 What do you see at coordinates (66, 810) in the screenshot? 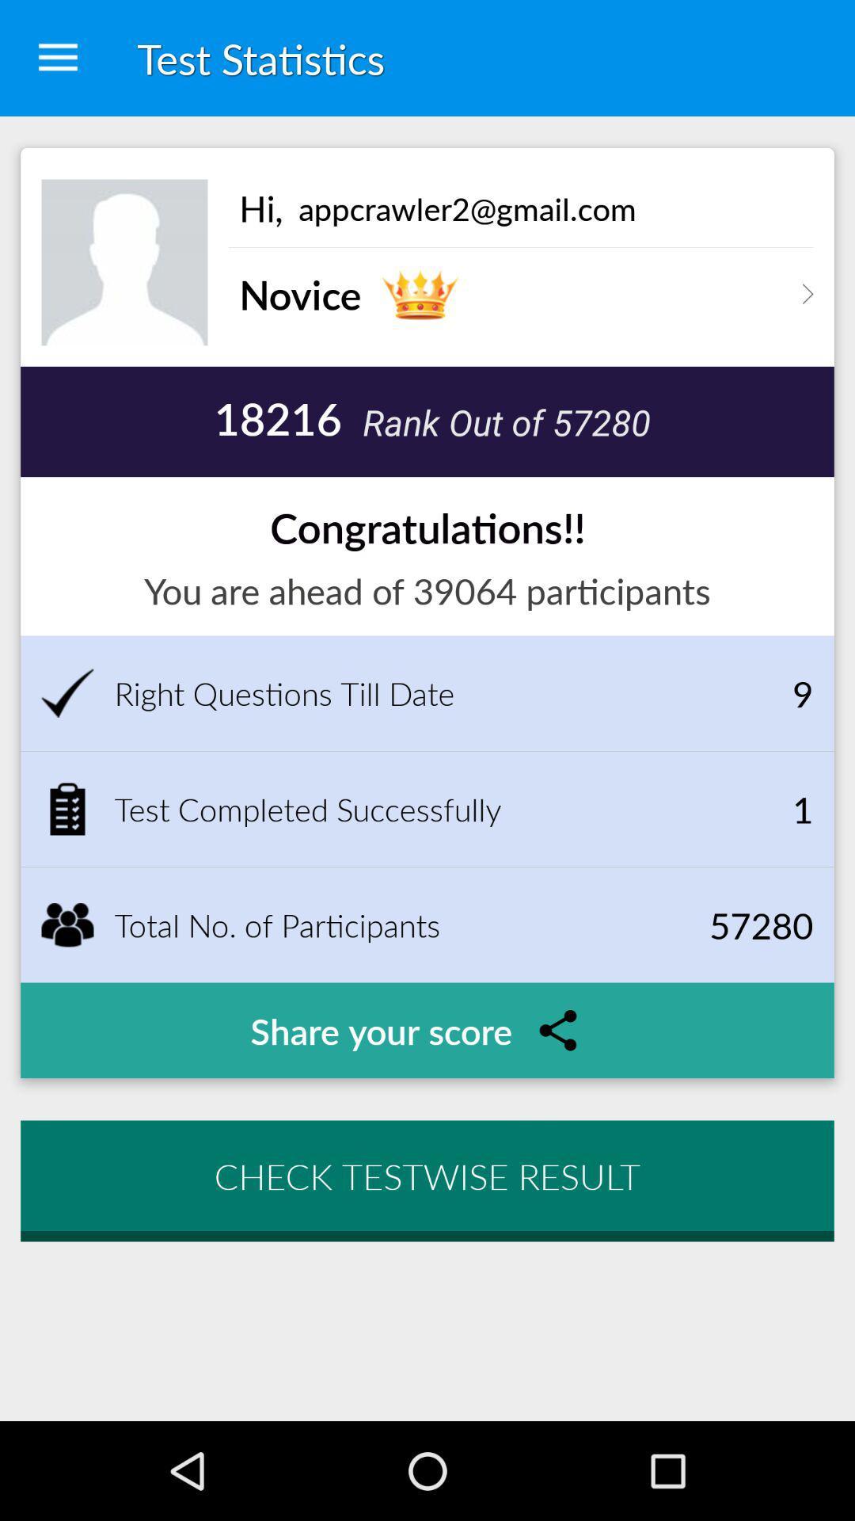
I see `the symbol which is left hand side of test completed successfully` at bounding box center [66, 810].